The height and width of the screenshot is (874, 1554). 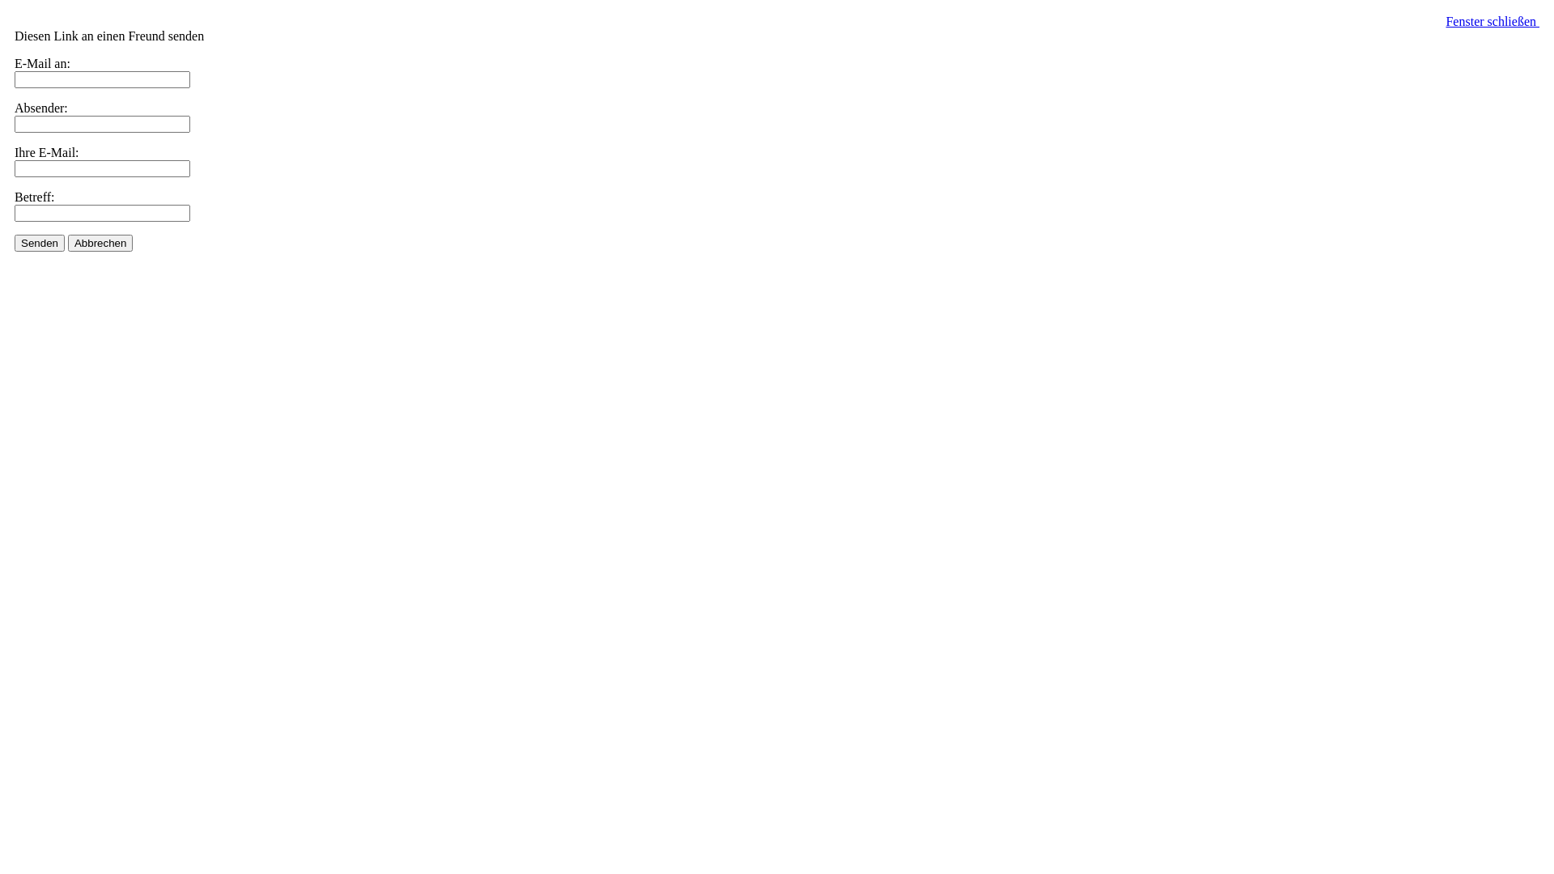 I want to click on 'Senden', so click(x=39, y=243).